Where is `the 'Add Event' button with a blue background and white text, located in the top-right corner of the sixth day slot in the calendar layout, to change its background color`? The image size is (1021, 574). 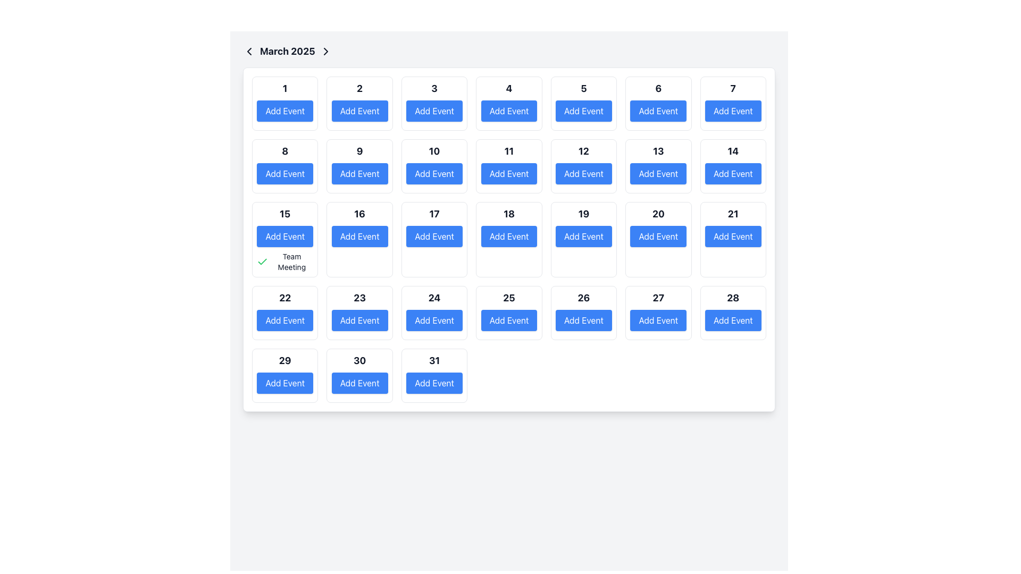
the 'Add Event' button with a blue background and white text, located in the top-right corner of the sixth day slot in the calendar layout, to change its background color is located at coordinates (658, 111).